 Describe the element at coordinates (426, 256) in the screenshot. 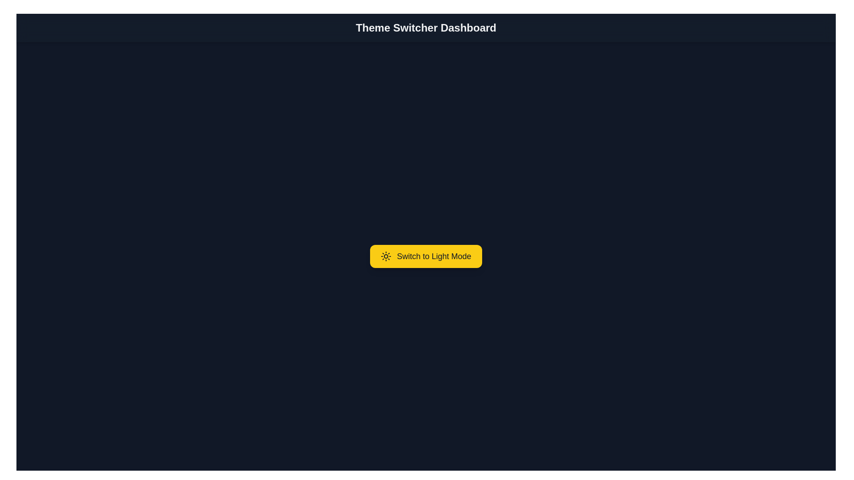

I see `the 'Switch to Light Mode' button to observe the hover effect` at that location.